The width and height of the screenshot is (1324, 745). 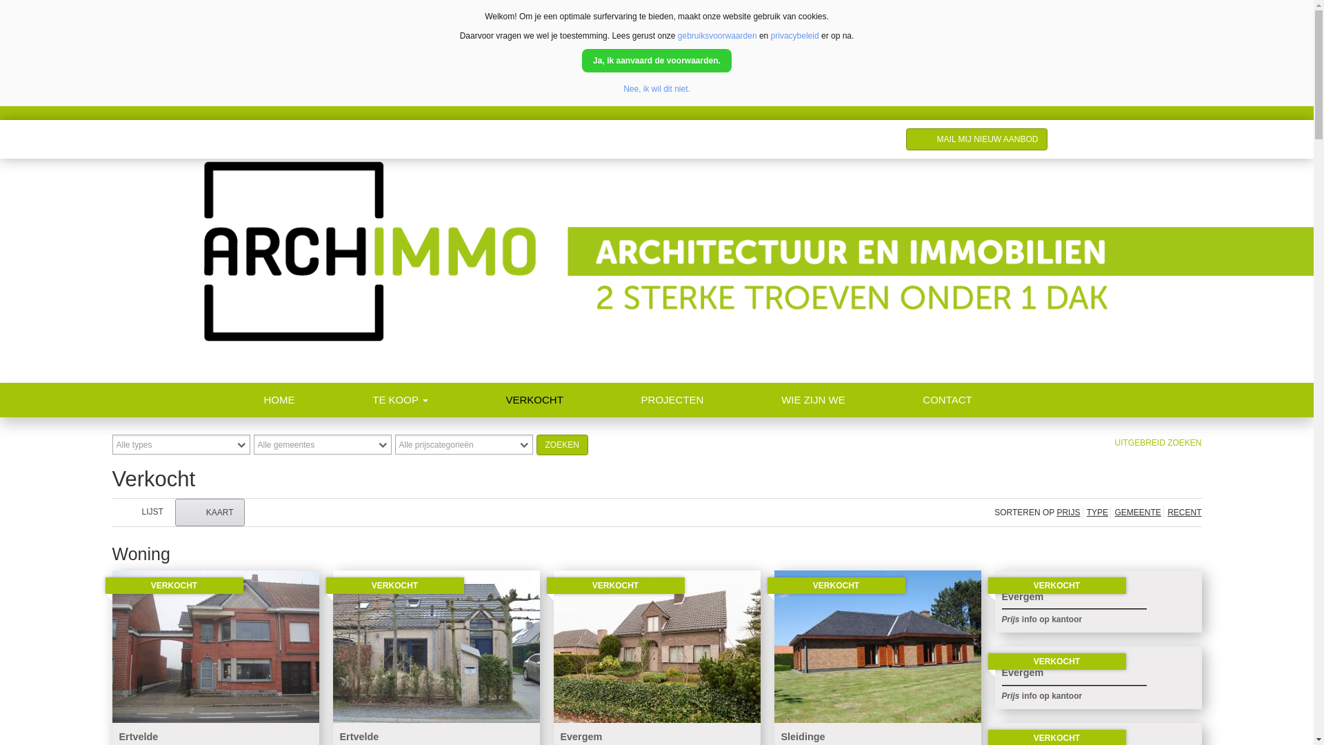 I want to click on 'TYPE', so click(x=1094, y=513).